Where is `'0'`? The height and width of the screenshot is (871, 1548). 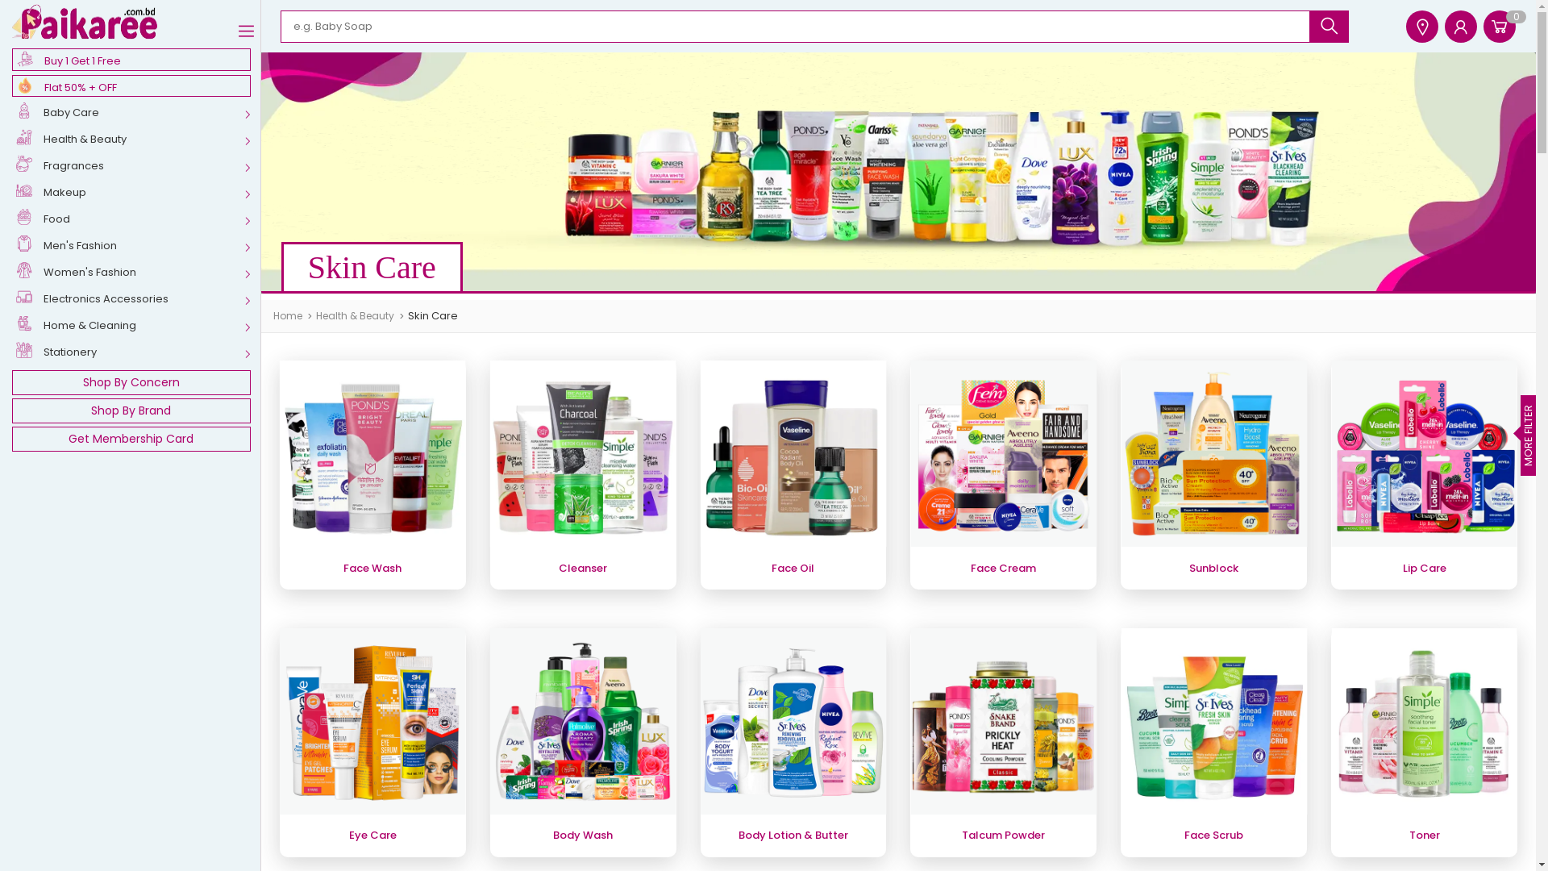 '0' is located at coordinates (1499, 27).